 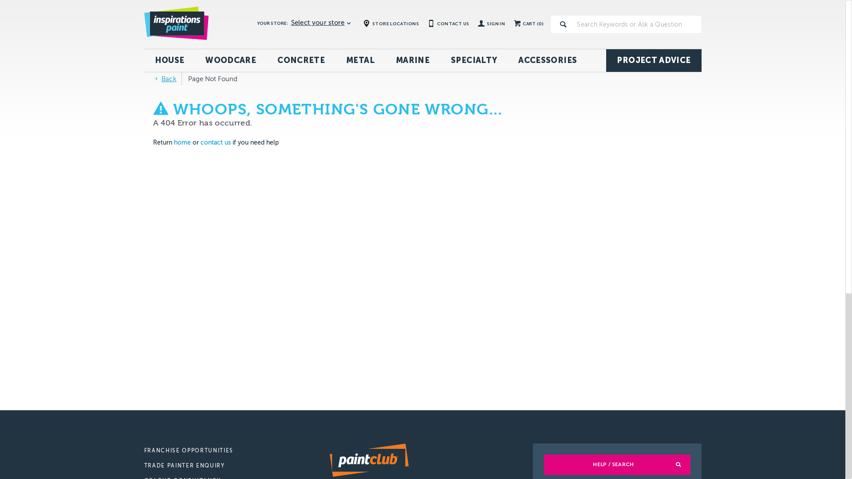 What do you see at coordinates (182, 142) in the screenshot?
I see `'home'` at bounding box center [182, 142].